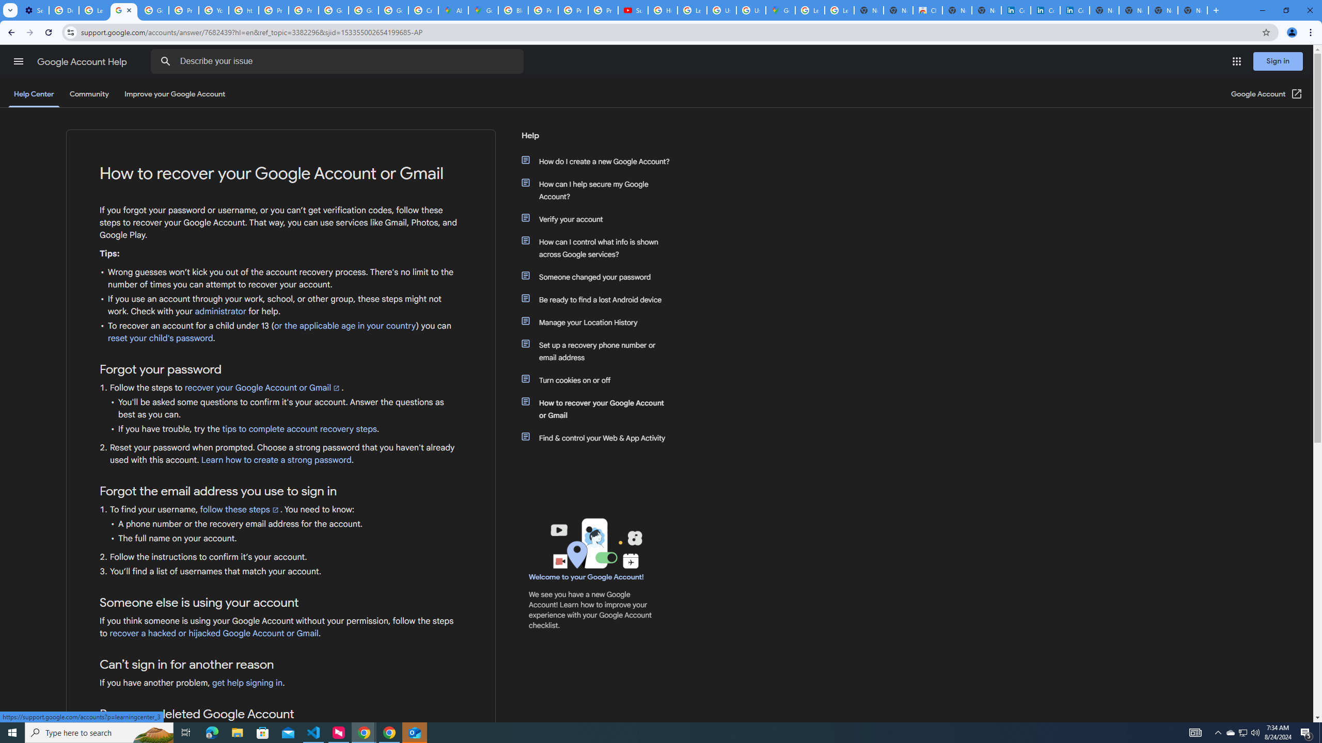  Describe the element at coordinates (83, 61) in the screenshot. I see `'Google Account Help'` at that location.